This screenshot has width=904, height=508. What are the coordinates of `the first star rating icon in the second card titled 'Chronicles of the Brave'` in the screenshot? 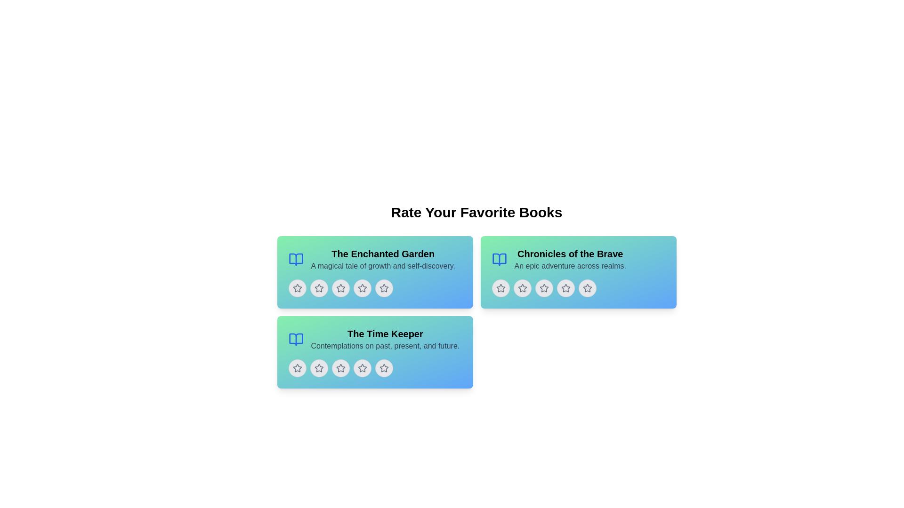 It's located at (522, 288).